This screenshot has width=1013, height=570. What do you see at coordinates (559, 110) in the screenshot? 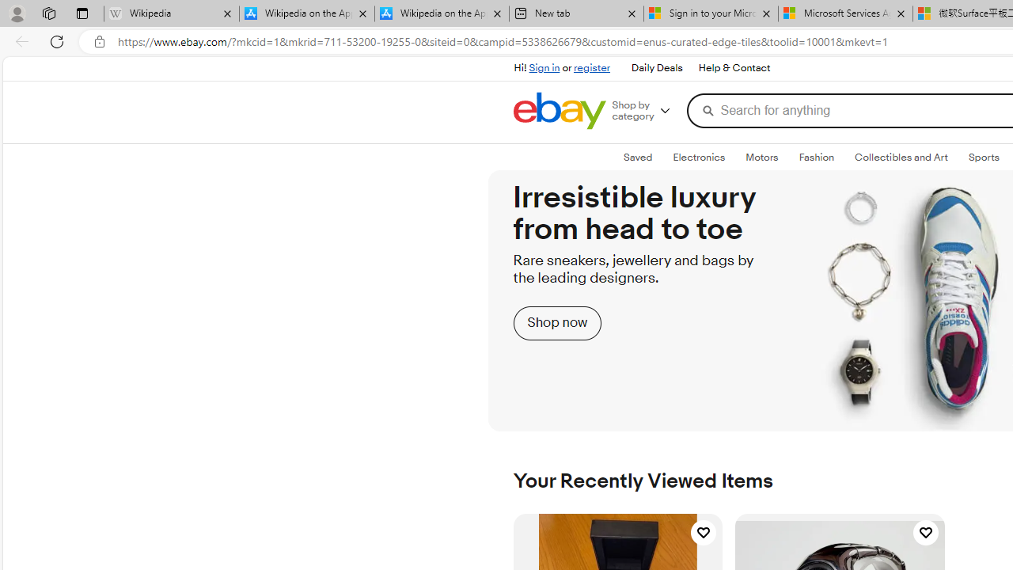
I see `'eBay Home'` at bounding box center [559, 110].